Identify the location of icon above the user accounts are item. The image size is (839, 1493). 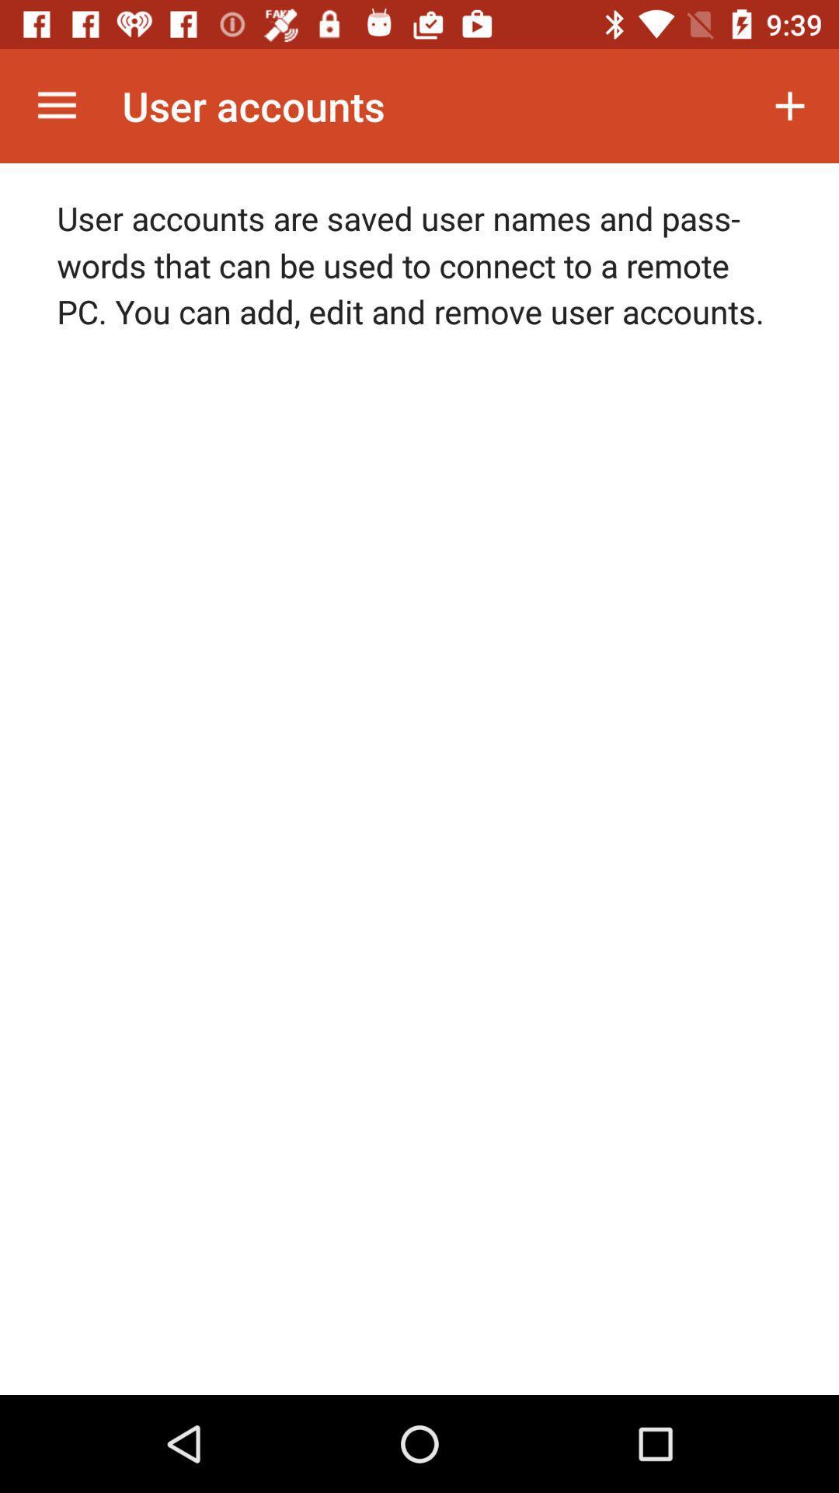
(56, 105).